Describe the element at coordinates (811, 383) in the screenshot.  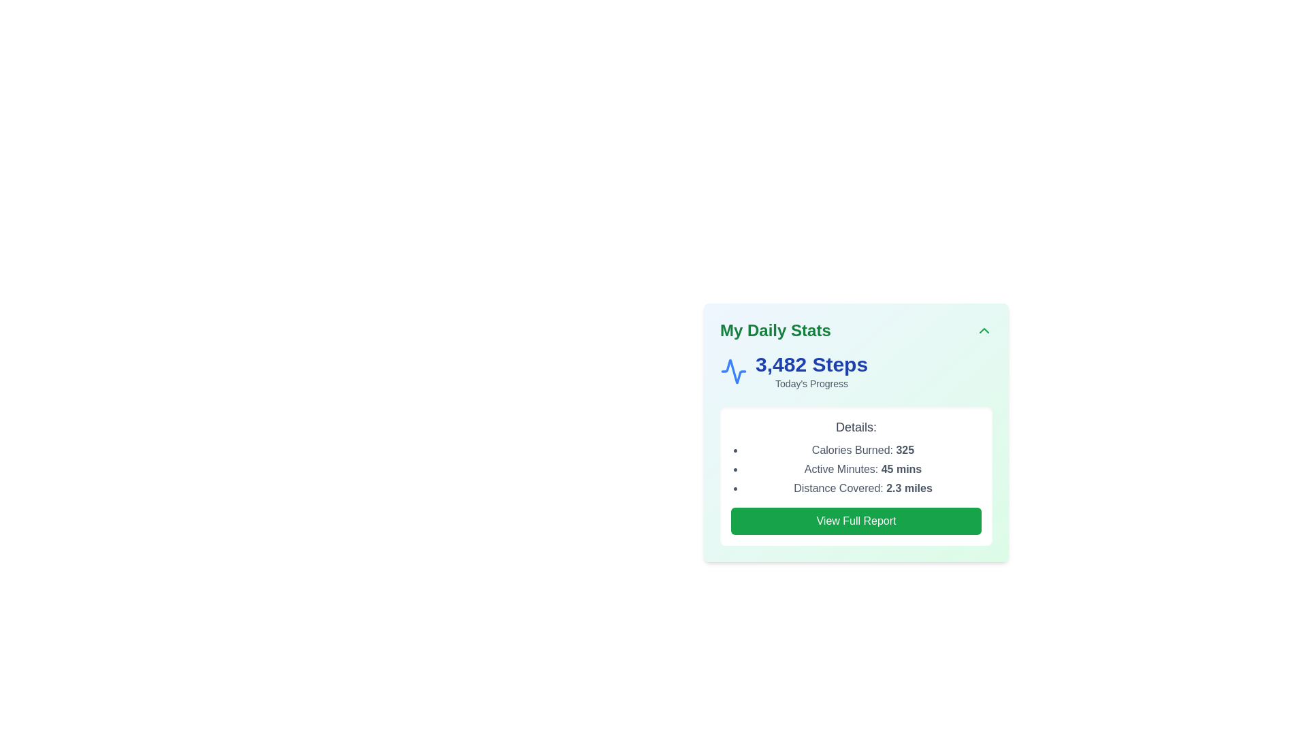
I see `text label displaying 'Today's Progress' located beneath '3,482 Steps' in the card labeled 'My Daily Stats'` at that location.